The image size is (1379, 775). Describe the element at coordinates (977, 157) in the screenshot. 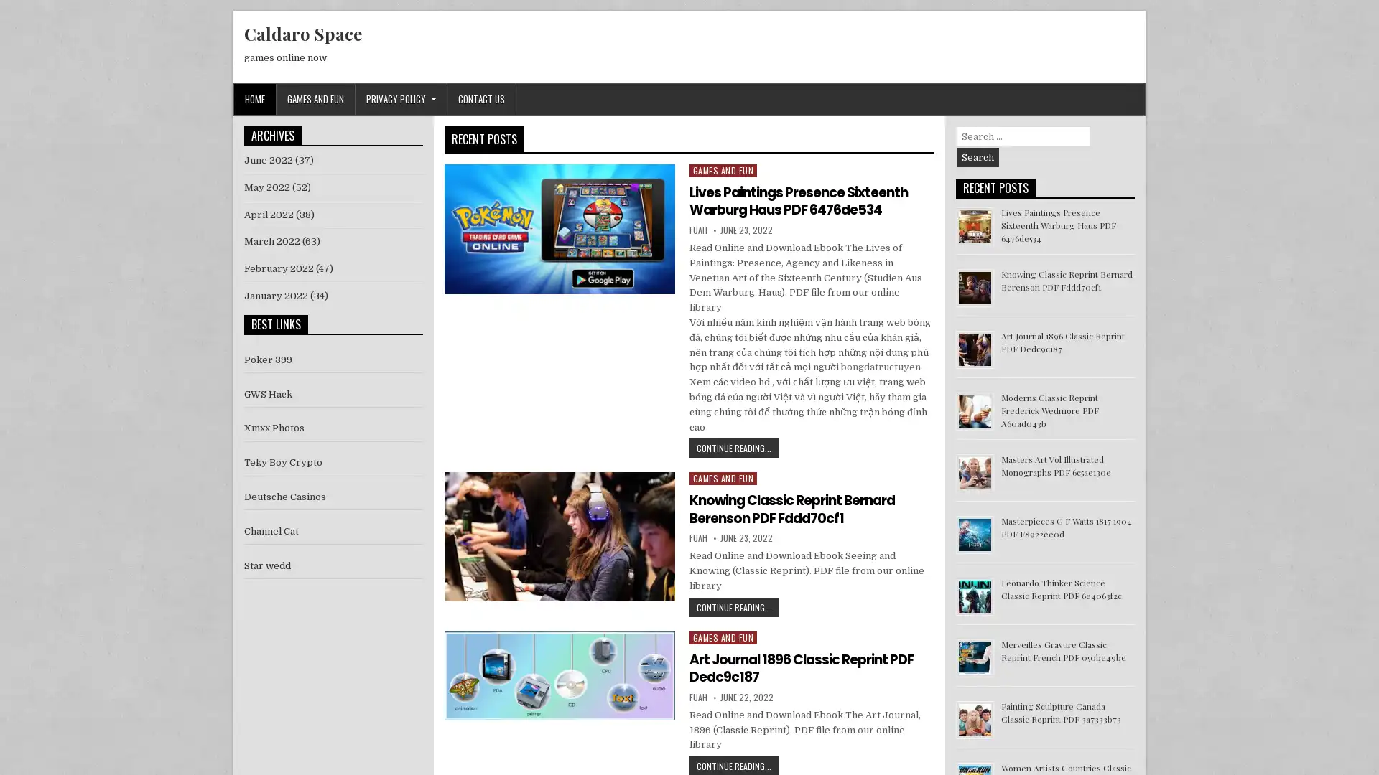

I see `Search` at that location.